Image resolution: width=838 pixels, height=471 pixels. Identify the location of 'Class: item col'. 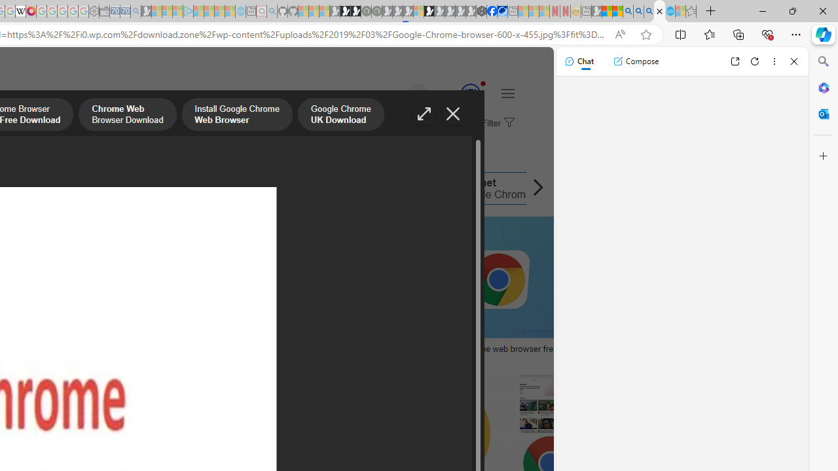
(483, 188).